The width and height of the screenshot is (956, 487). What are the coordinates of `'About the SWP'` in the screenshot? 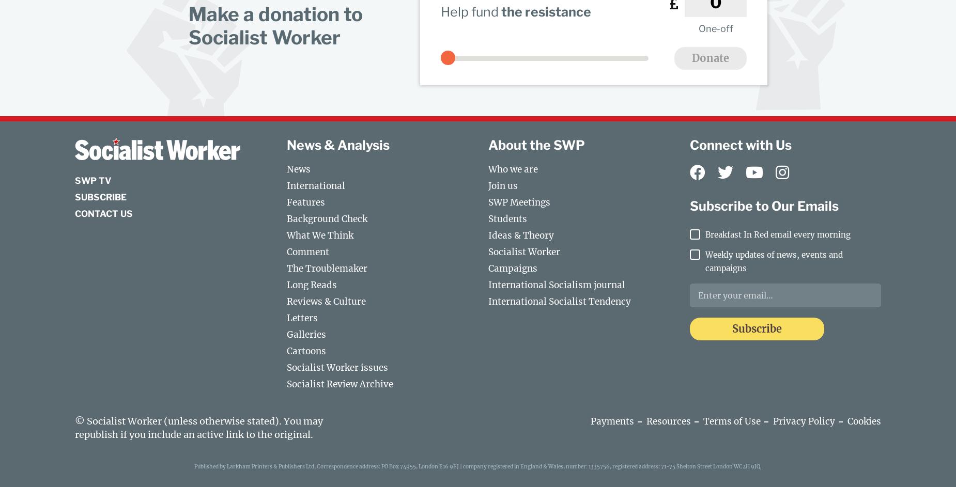 It's located at (536, 145).